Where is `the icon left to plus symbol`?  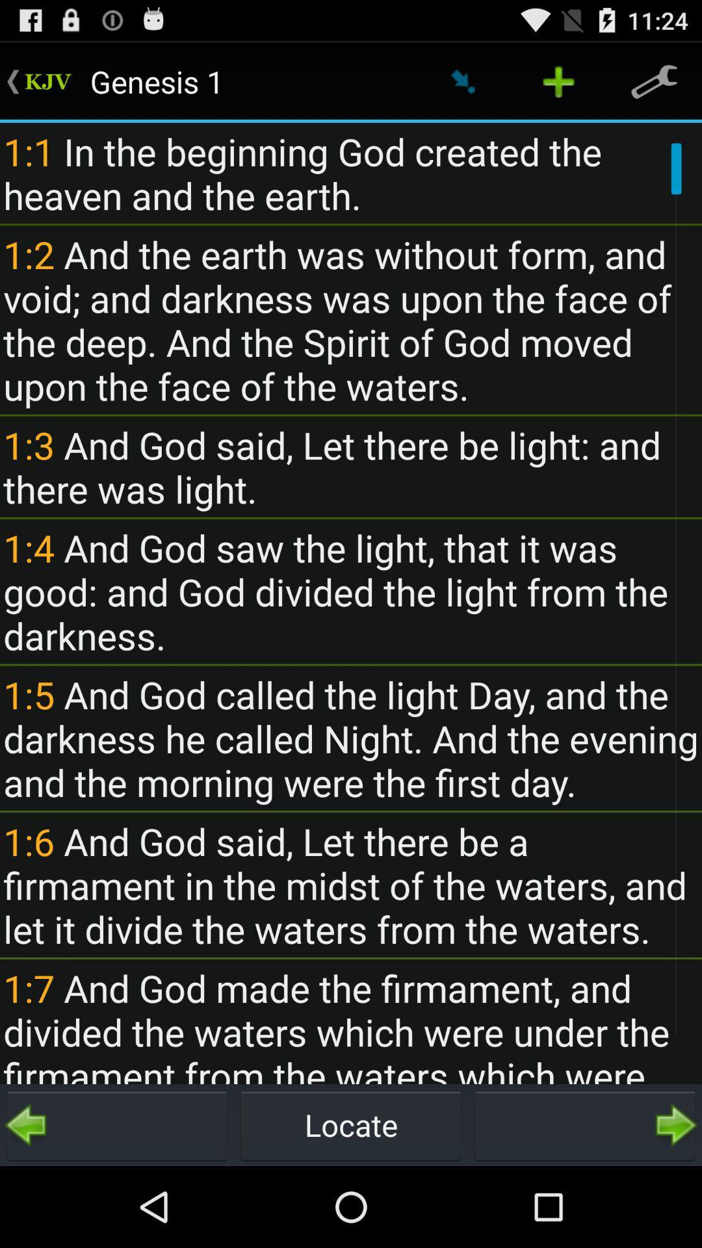
the icon left to plus symbol is located at coordinates (462, 81).